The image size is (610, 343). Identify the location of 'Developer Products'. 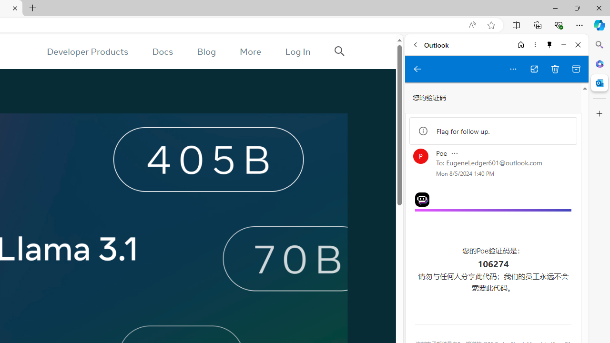
(87, 51).